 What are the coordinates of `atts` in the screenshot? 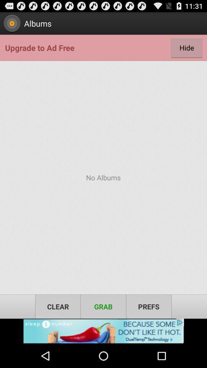 It's located at (103, 331).